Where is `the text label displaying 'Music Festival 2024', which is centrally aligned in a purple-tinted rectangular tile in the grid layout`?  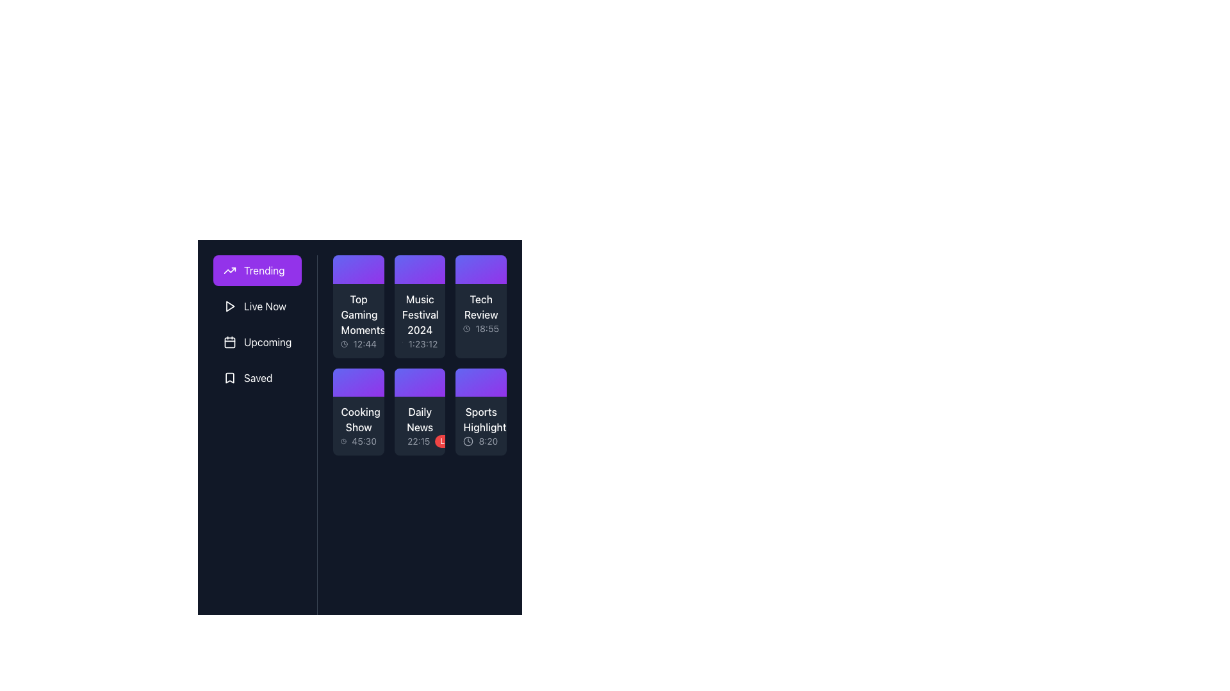 the text label displaying 'Music Festival 2024', which is centrally aligned in a purple-tinted rectangular tile in the grid layout is located at coordinates (420, 314).